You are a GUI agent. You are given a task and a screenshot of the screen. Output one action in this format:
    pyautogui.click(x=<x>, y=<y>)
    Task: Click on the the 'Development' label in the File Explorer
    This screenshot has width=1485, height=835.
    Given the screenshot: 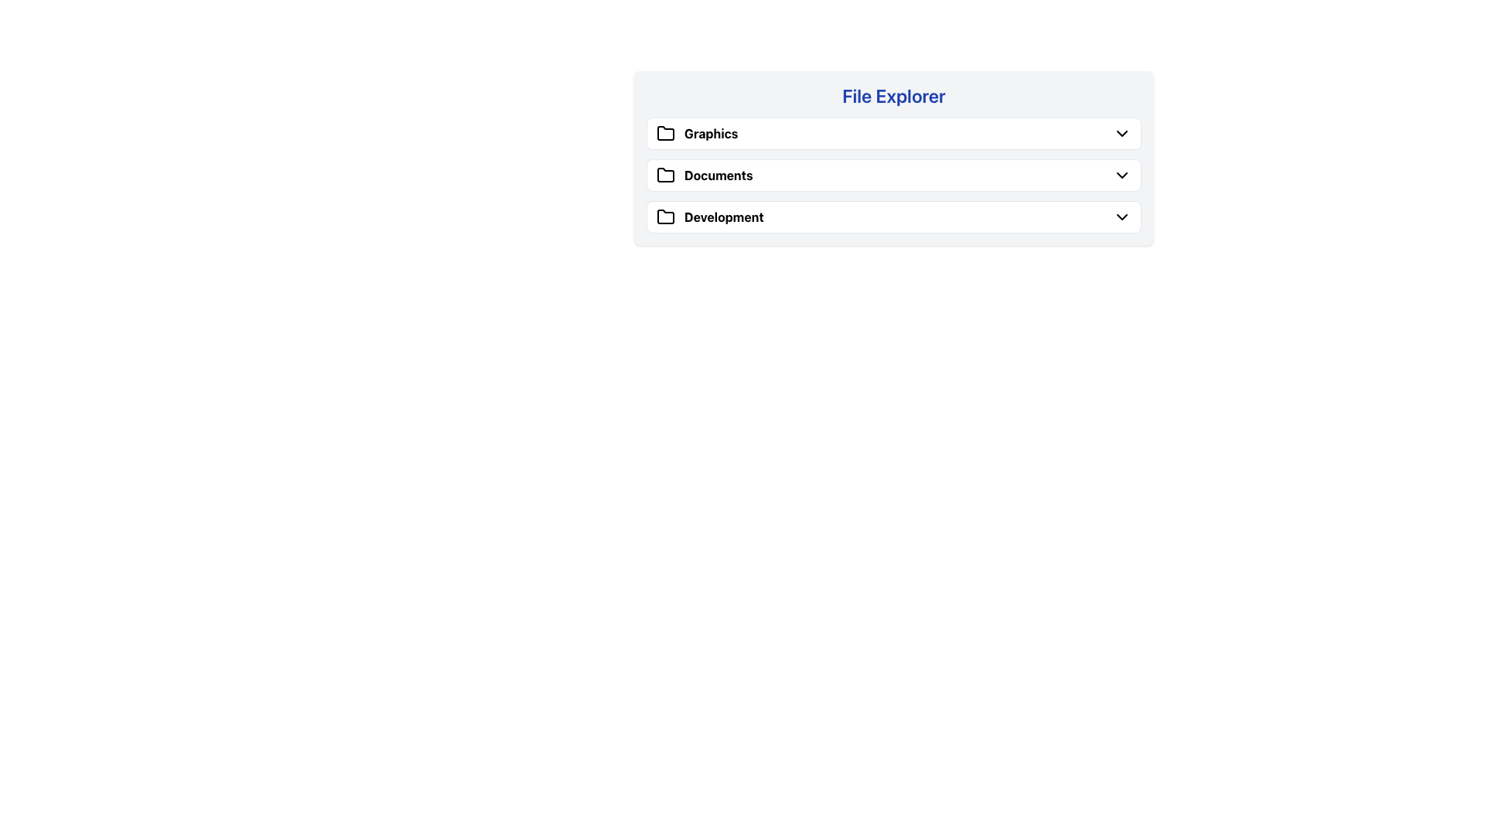 What is the action you would take?
    pyautogui.click(x=708, y=217)
    